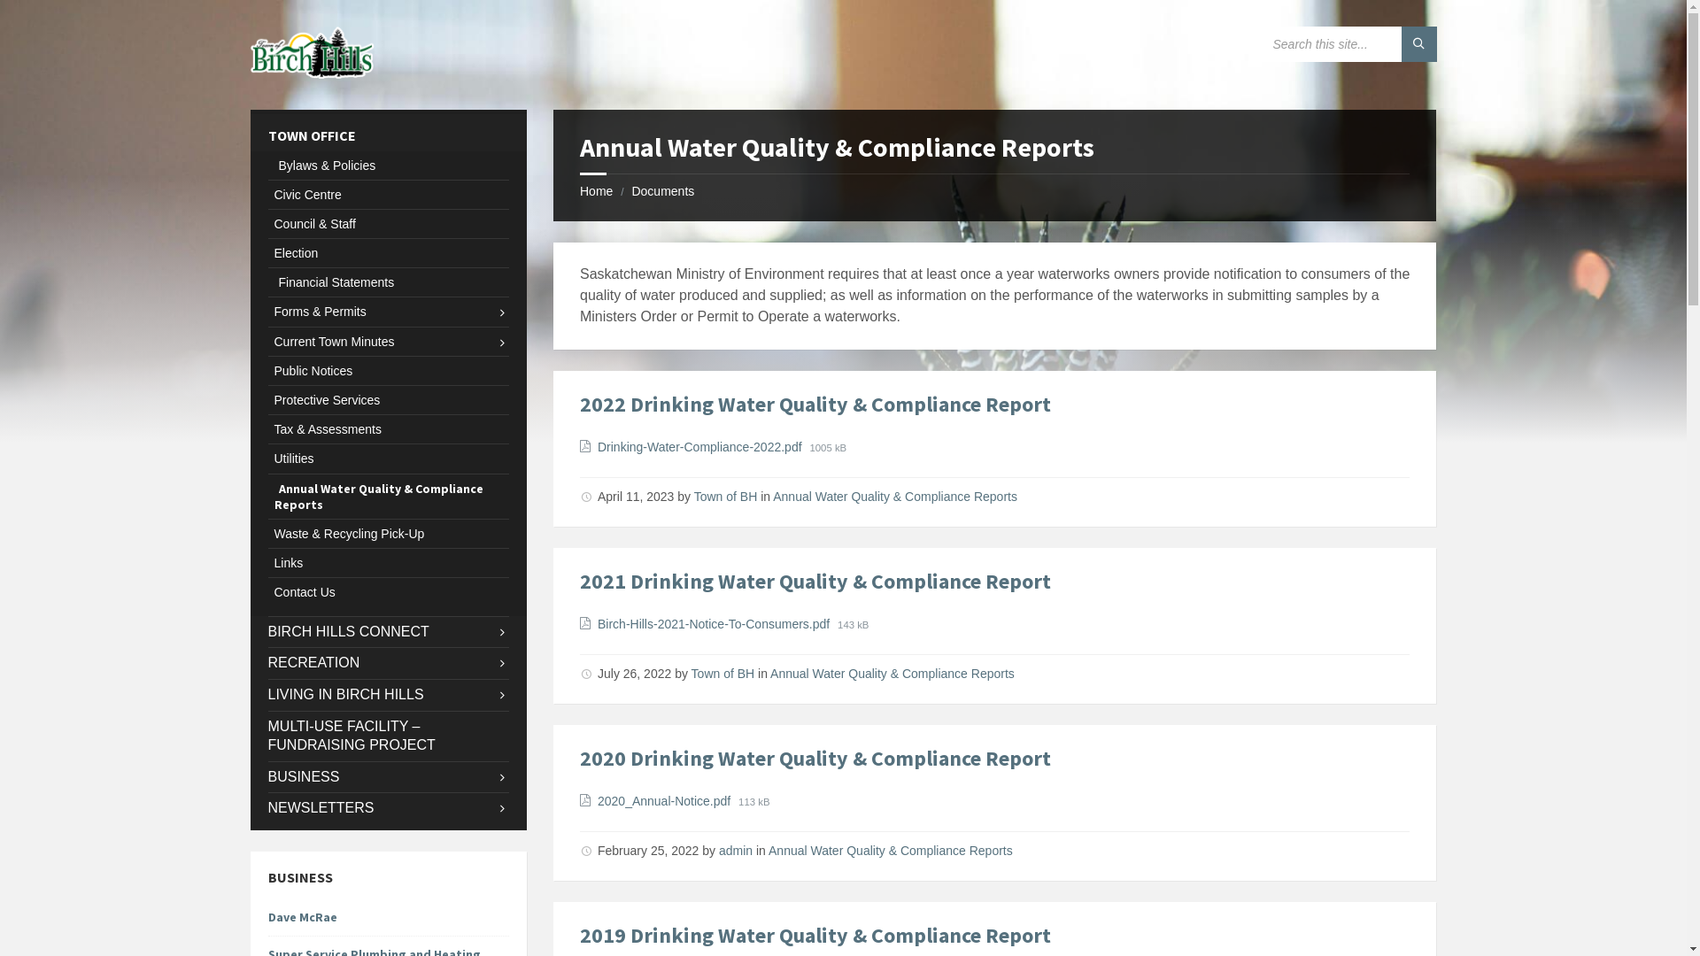 Image resolution: width=1700 pixels, height=956 pixels. Describe the element at coordinates (267, 631) in the screenshot. I see `'BIRCH HILLS CONNECT'` at that location.